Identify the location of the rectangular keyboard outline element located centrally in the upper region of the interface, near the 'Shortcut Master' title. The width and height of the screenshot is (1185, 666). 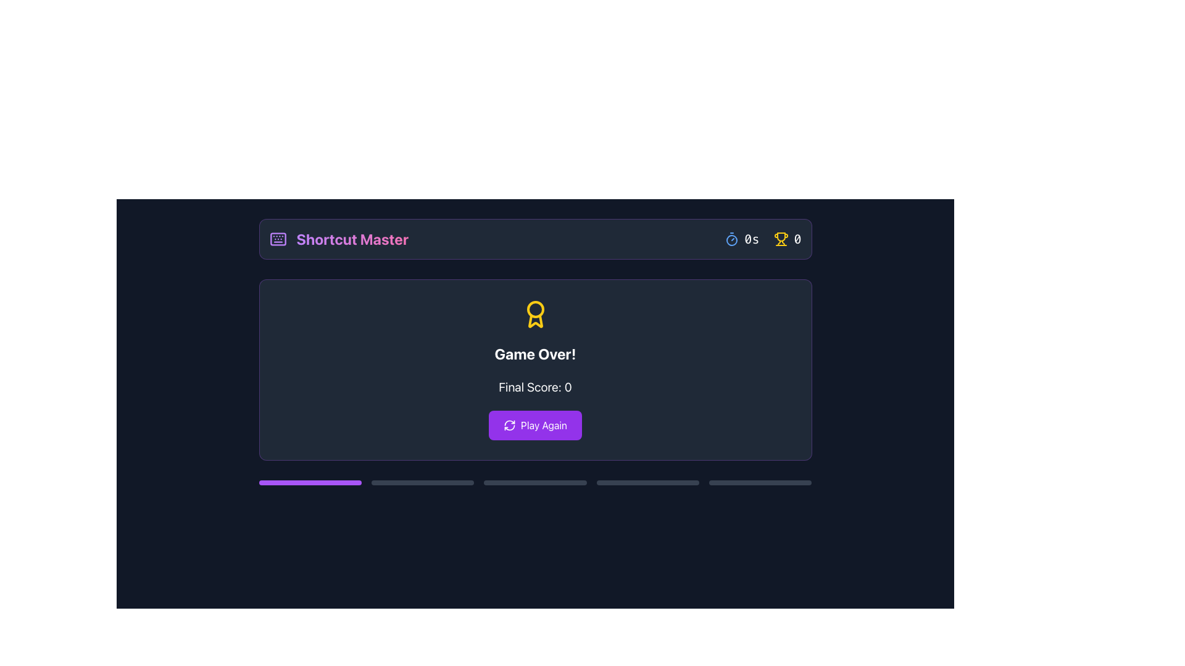
(277, 239).